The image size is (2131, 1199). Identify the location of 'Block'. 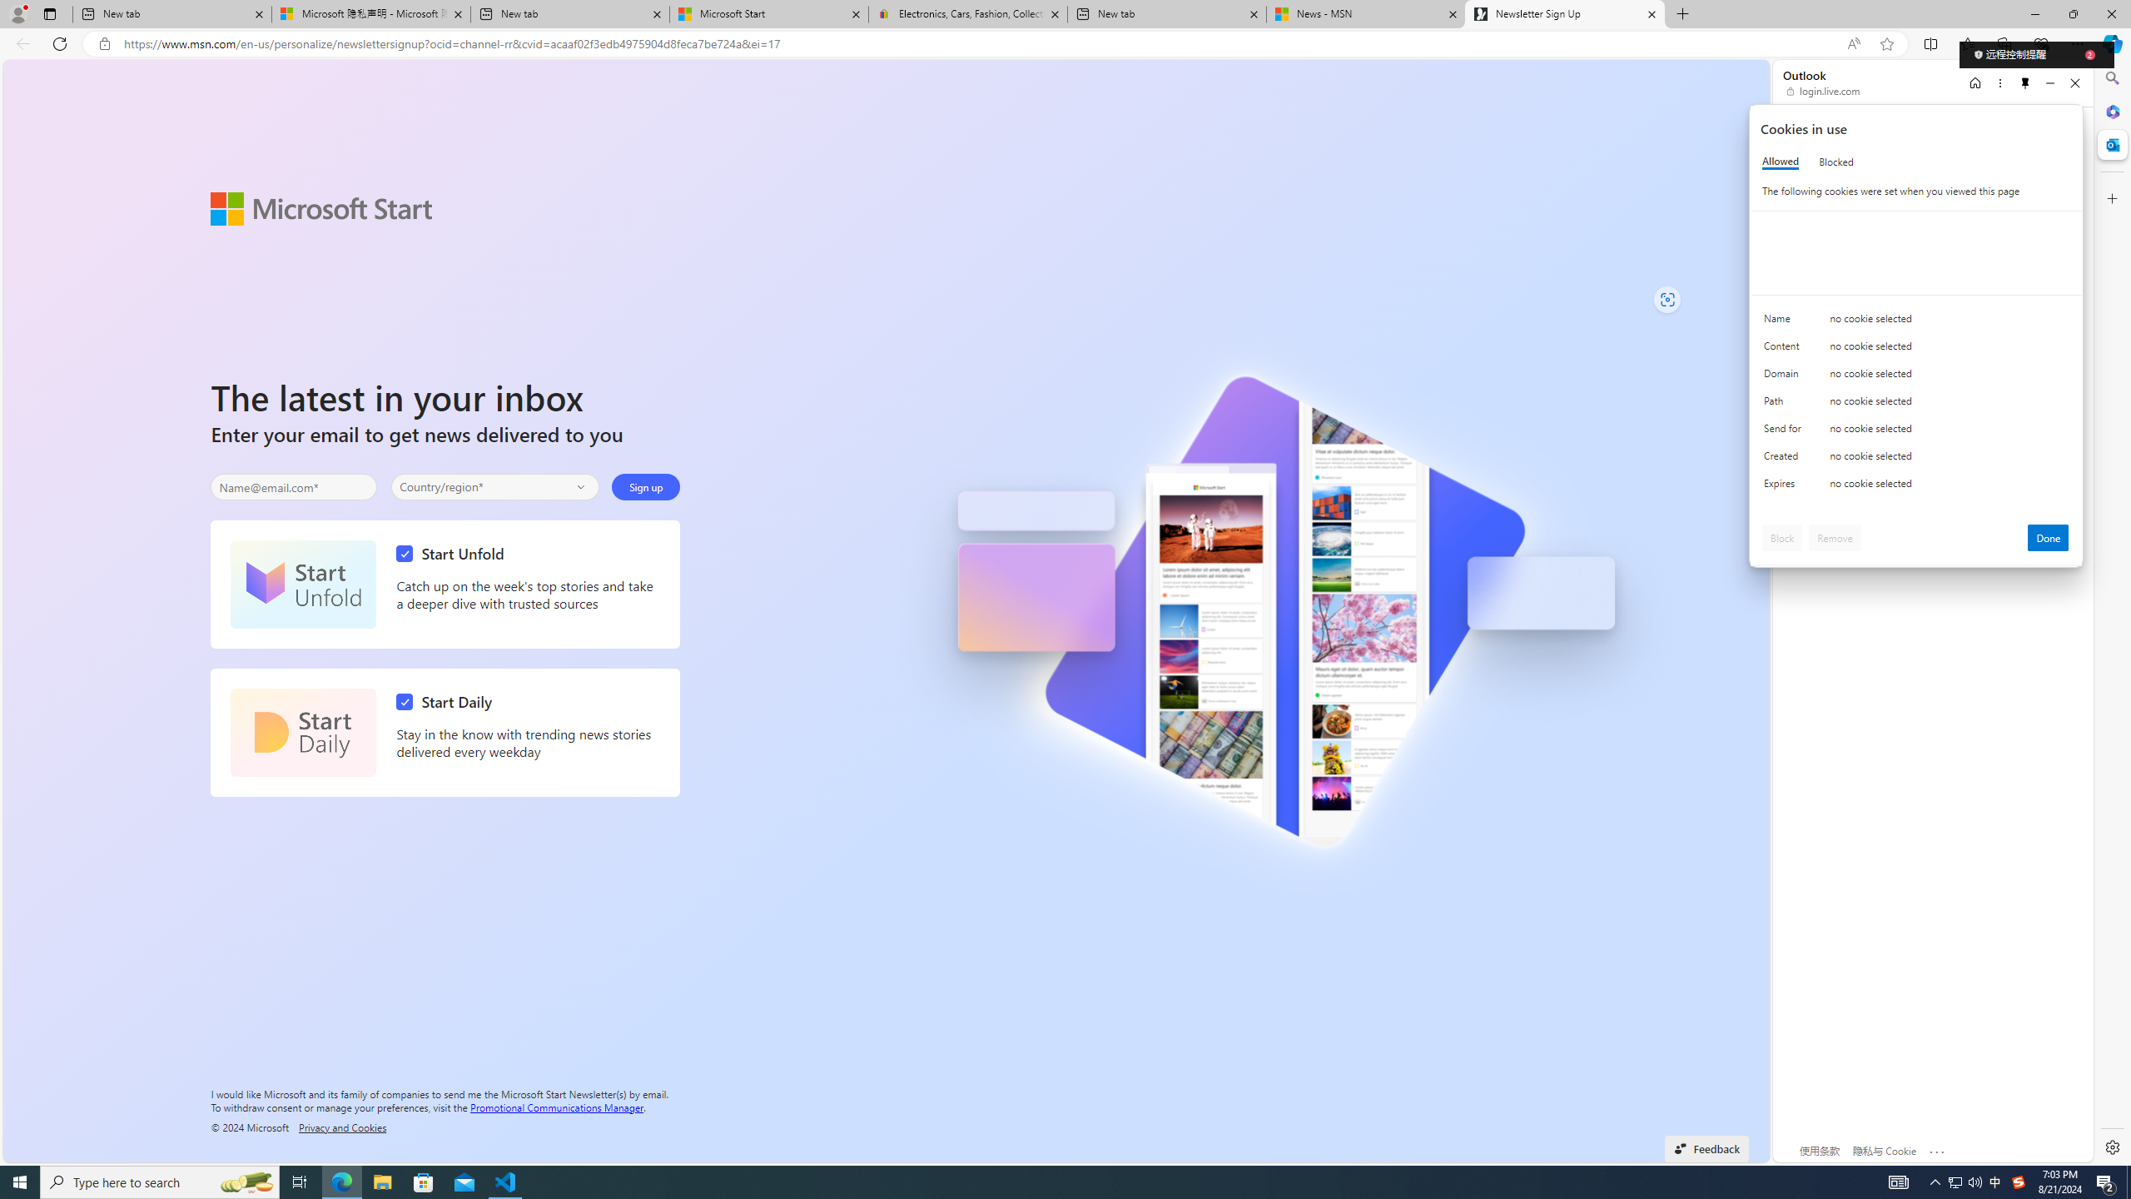
(1781, 538).